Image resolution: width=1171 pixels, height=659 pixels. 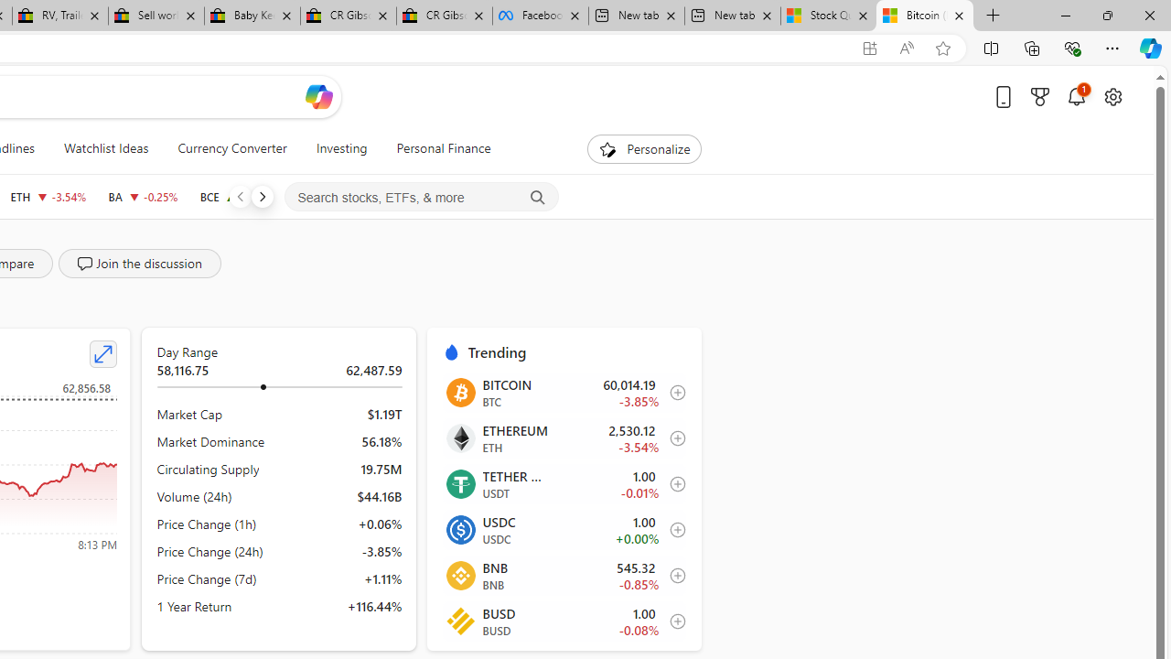 What do you see at coordinates (341, 148) in the screenshot?
I see `'Investing'` at bounding box center [341, 148].